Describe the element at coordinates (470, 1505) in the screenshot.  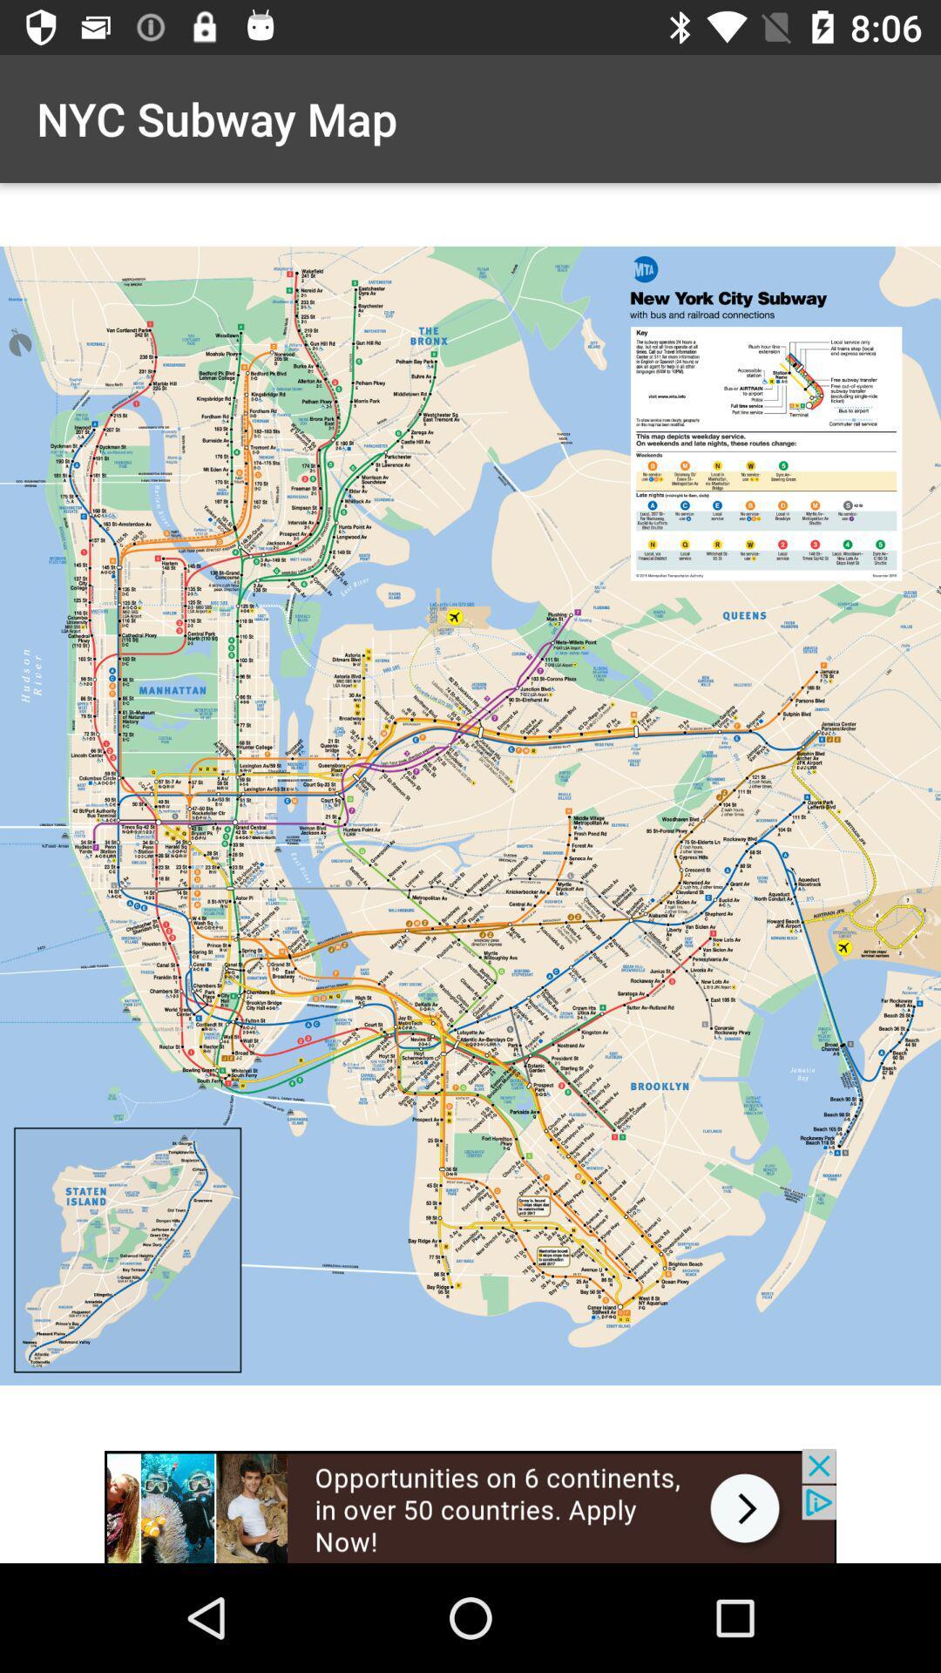
I see `patton` at that location.